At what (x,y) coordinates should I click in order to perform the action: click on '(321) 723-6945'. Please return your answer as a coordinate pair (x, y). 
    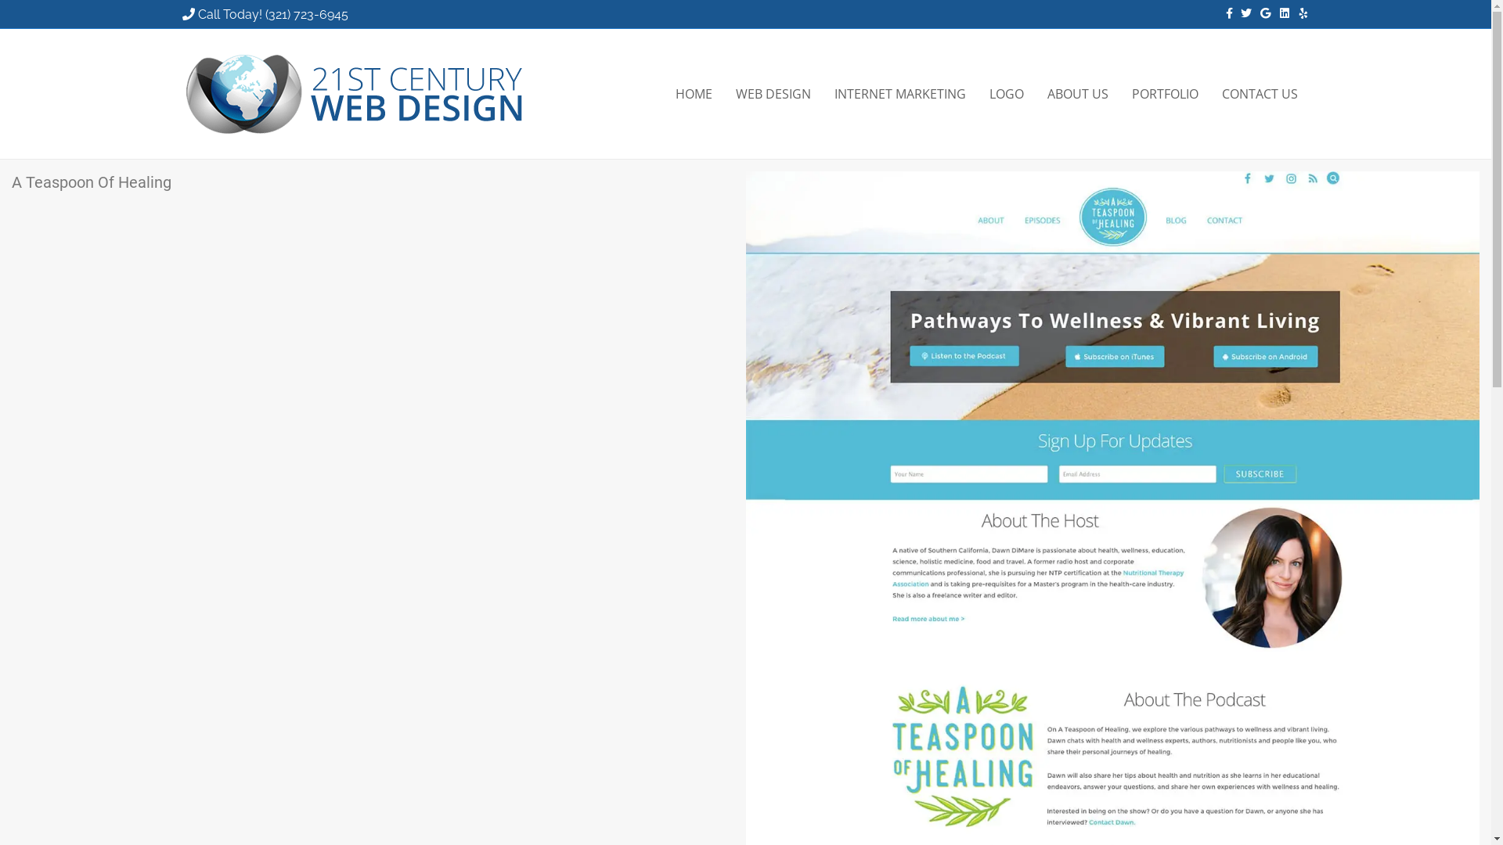
    Looking at the image, I should click on (305, 14).